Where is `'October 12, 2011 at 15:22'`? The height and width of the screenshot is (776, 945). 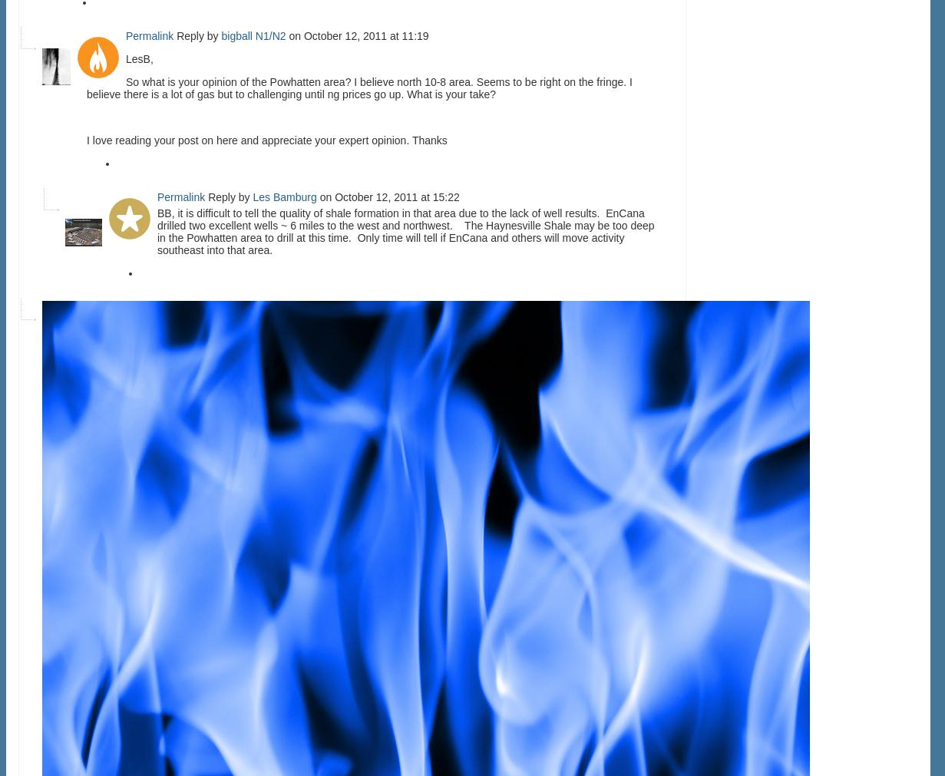
'October 12, 2011 at 15:22' is located at coordinates (397, 196).